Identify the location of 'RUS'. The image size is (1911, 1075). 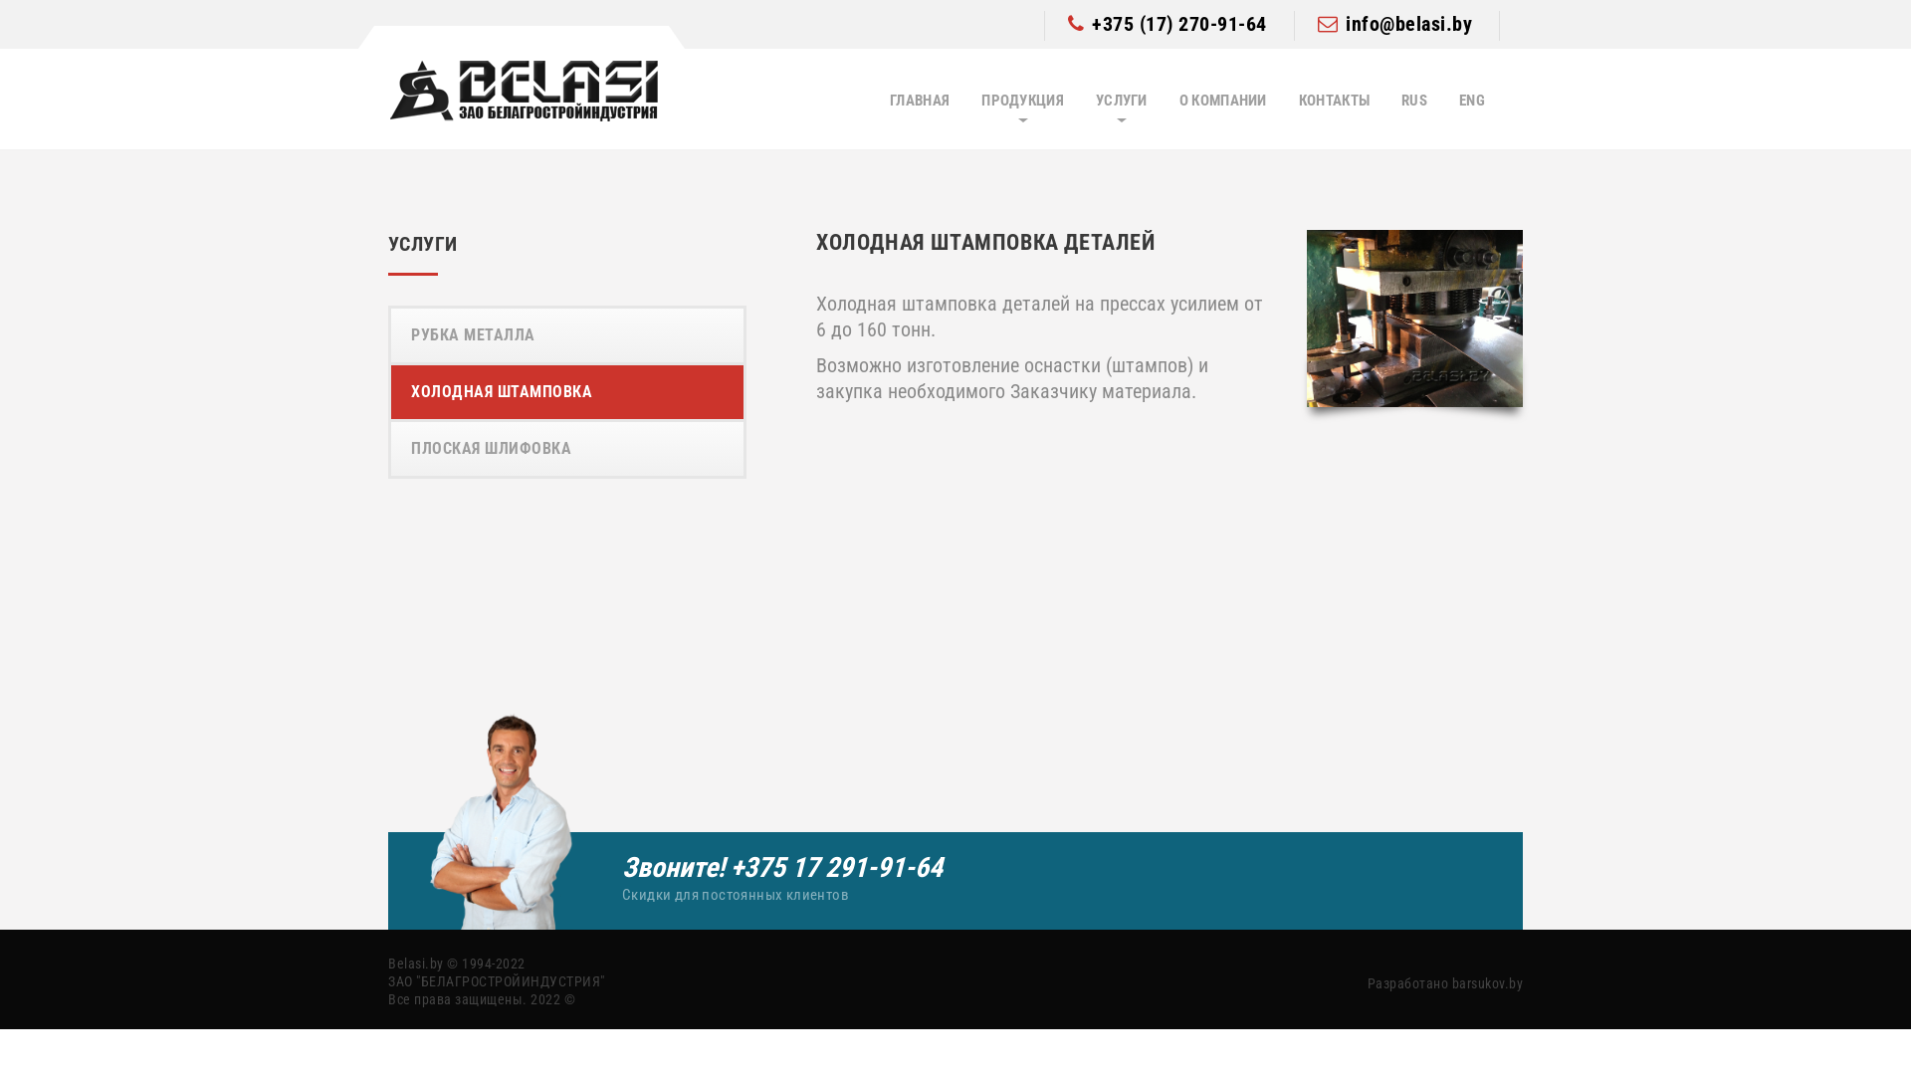
(1412, 101).